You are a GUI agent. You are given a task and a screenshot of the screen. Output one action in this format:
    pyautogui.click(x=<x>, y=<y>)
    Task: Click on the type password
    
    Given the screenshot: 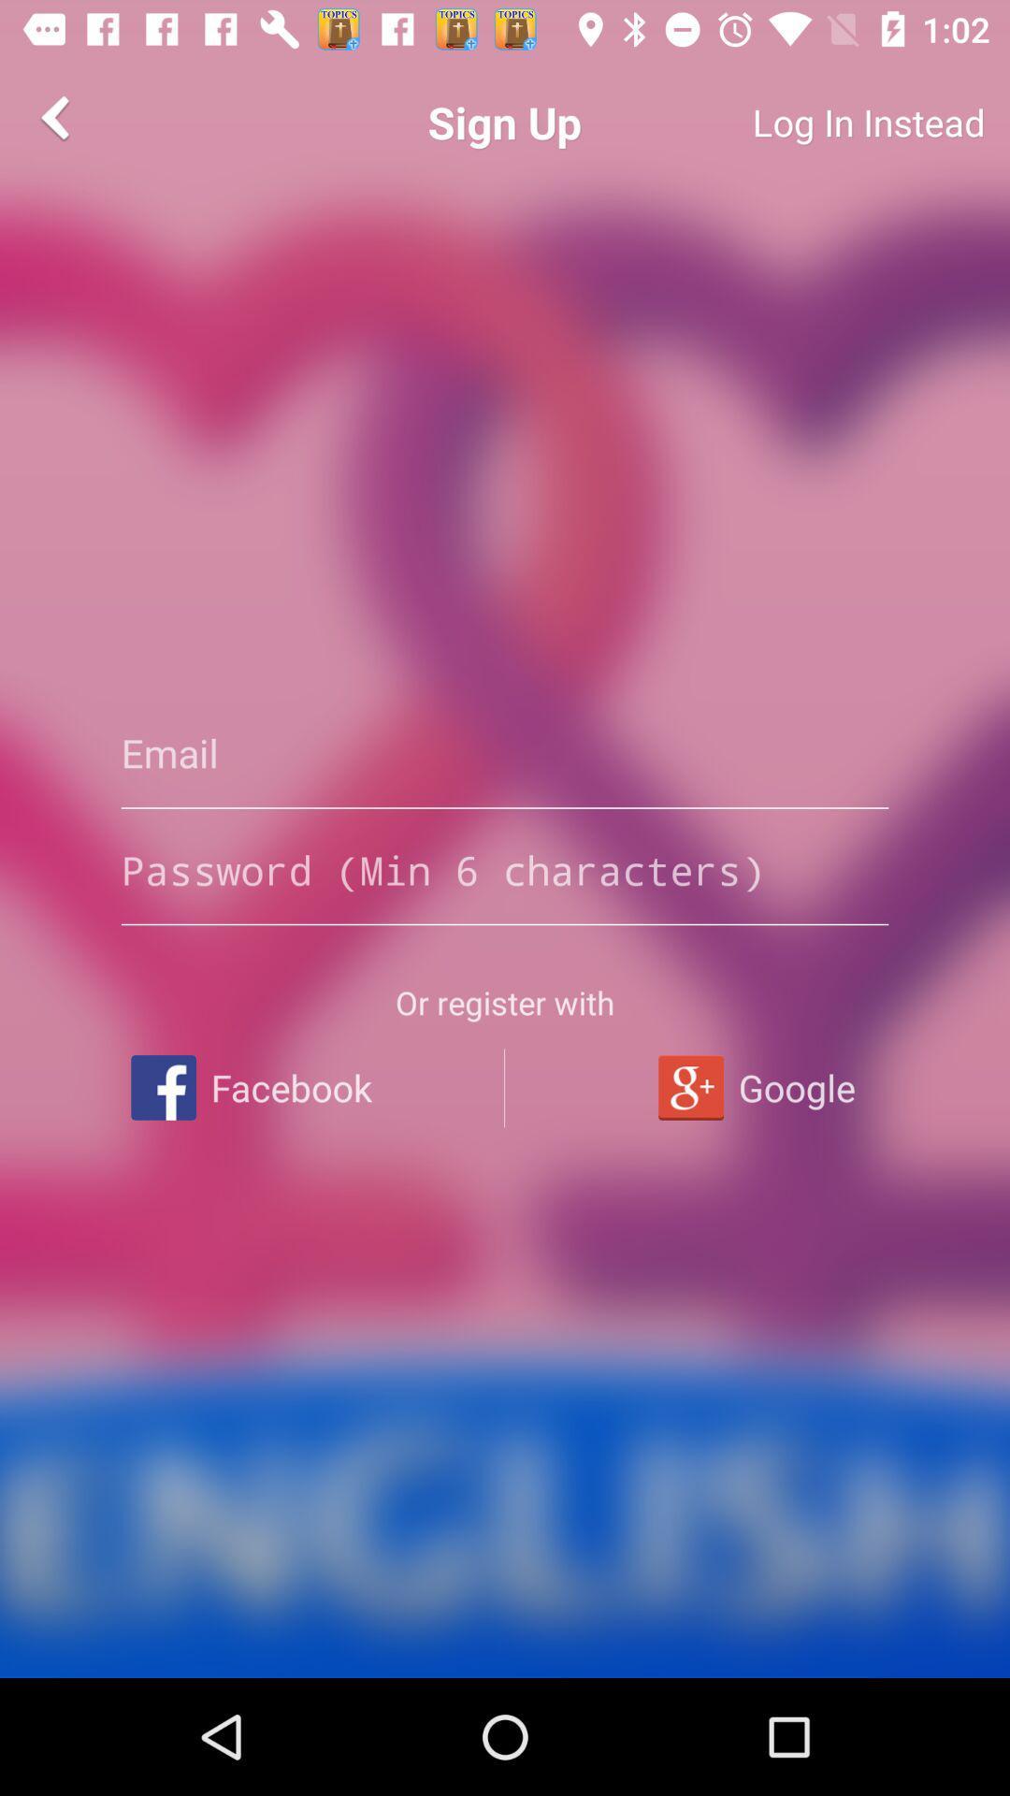 What is the action you would take?
    pyautogui.click(x=505, y=869)
    